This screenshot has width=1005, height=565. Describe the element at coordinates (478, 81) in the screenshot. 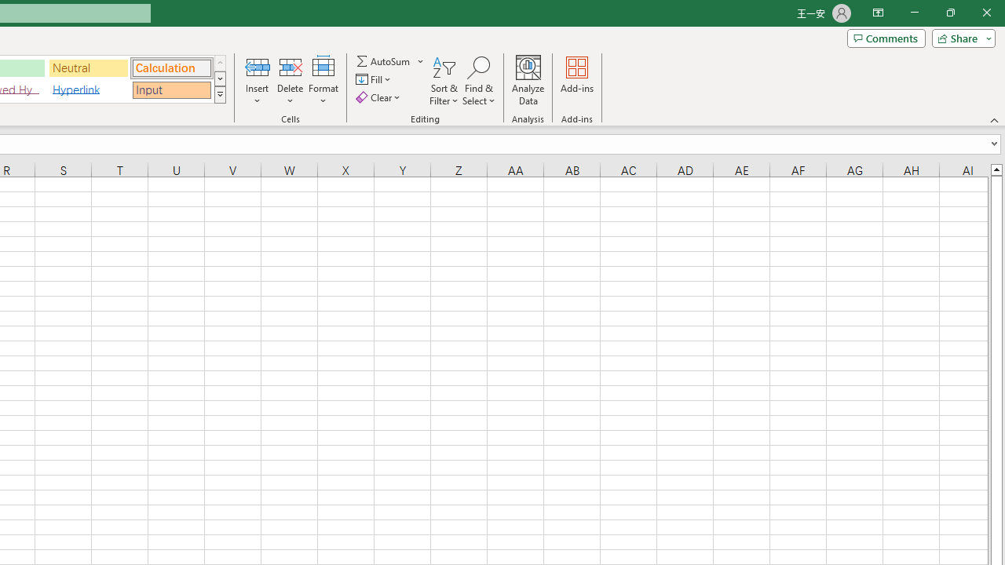

I see `'Find & Select'` at that location.